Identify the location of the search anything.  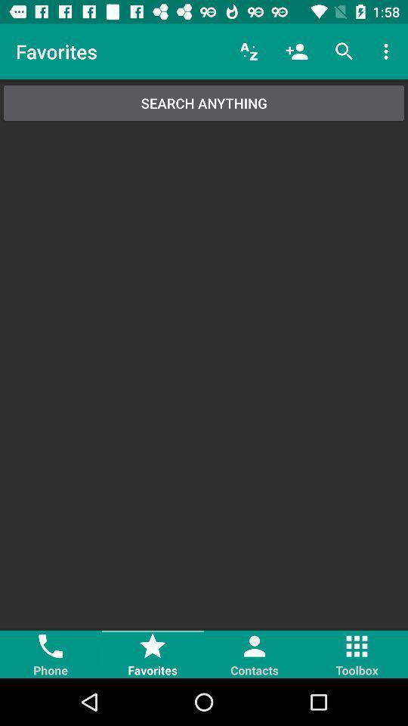
(204, 102).